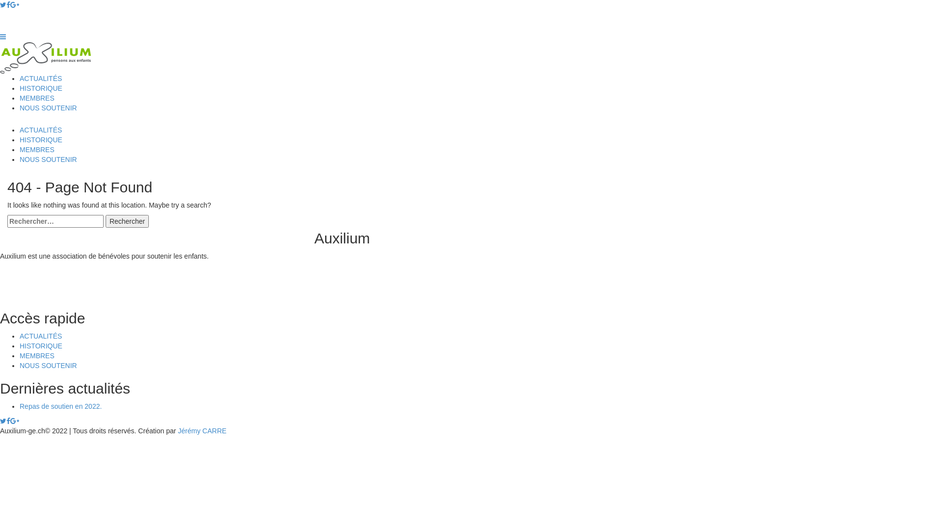  Describe the element at coordinates (40, 88) in the screenshot. I see `'HISTORIQUE'` at that location.